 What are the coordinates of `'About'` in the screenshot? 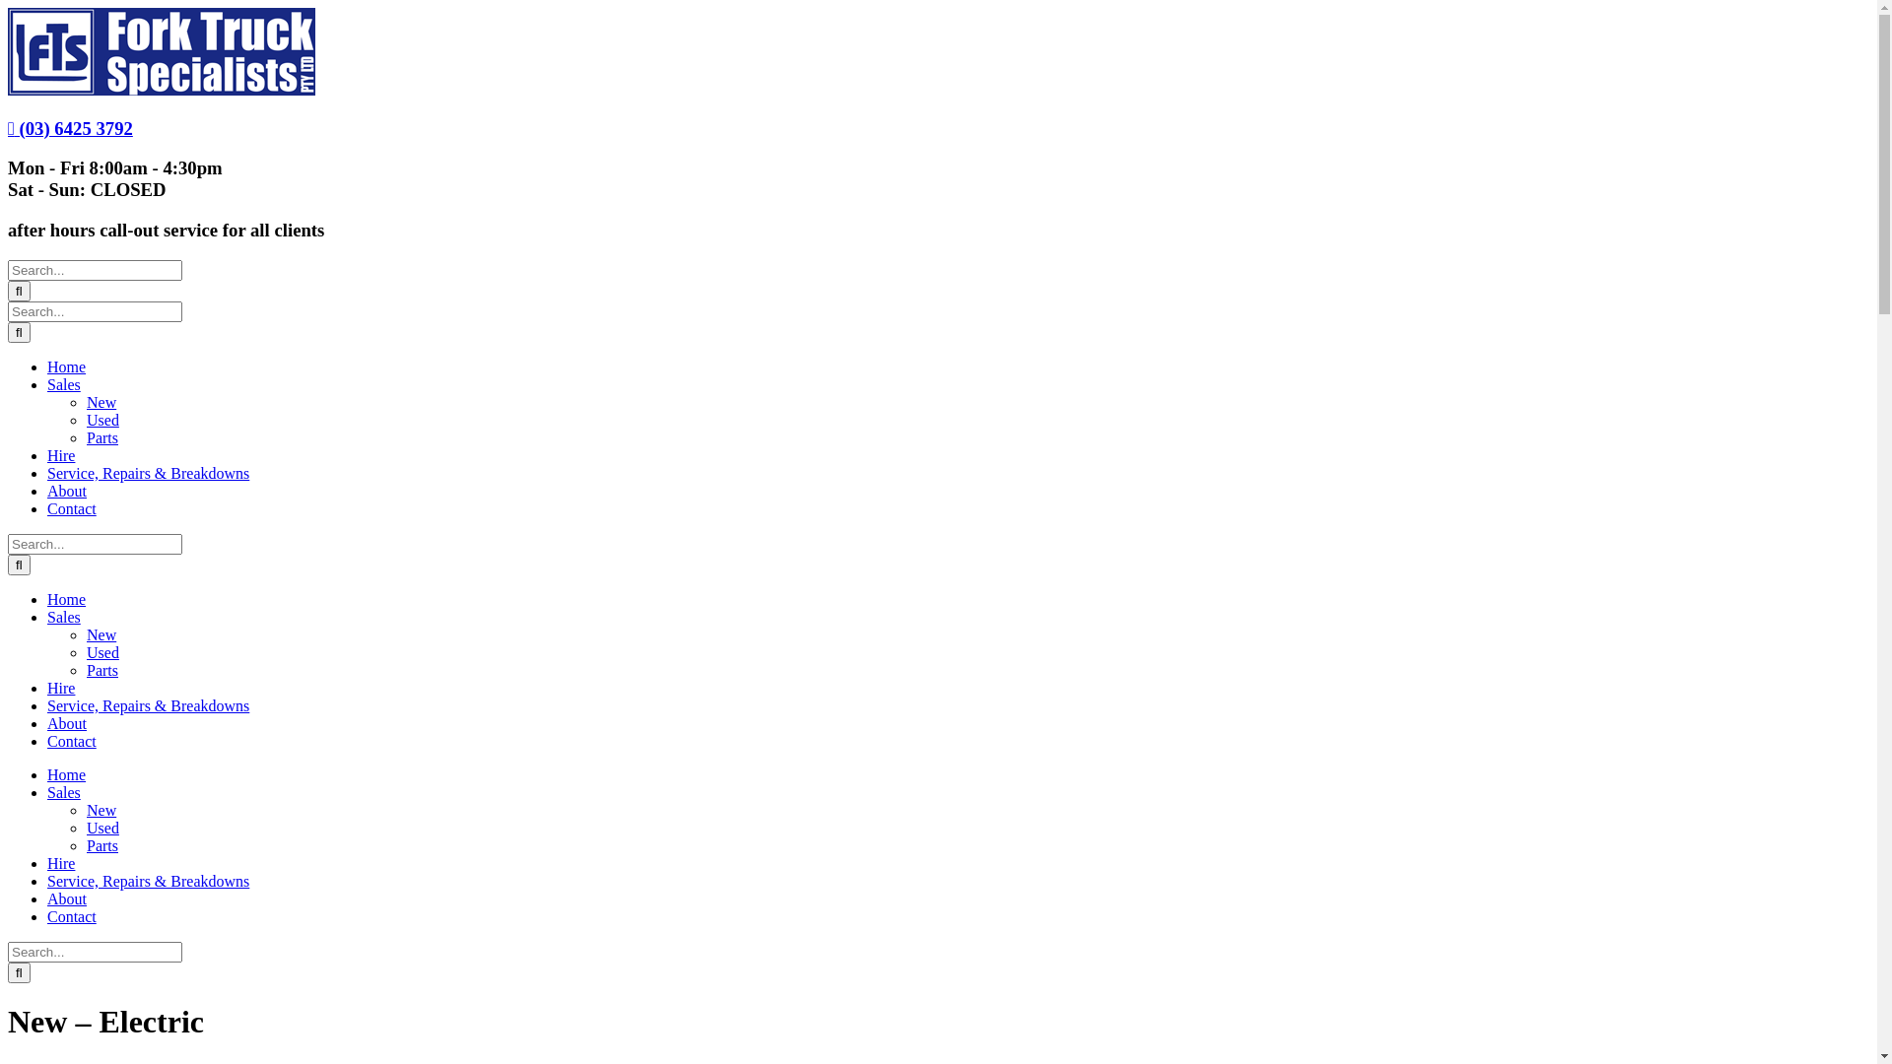 It's located at (66, 490).